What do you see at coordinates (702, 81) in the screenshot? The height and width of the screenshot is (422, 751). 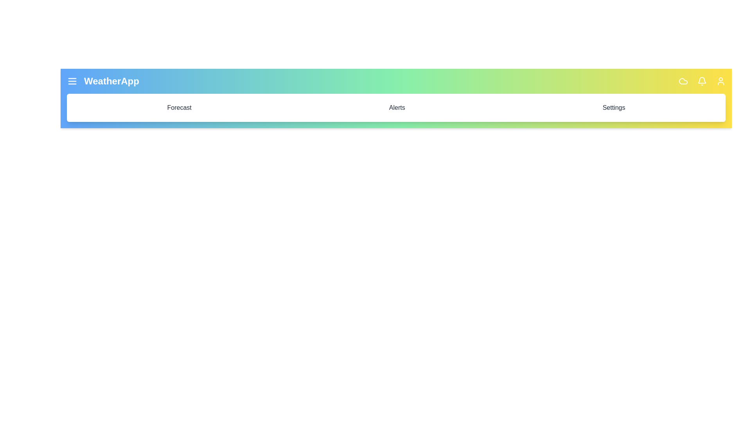 I see `the Bell icon in the WeatherAppBar` at bounding box center [702, 81].